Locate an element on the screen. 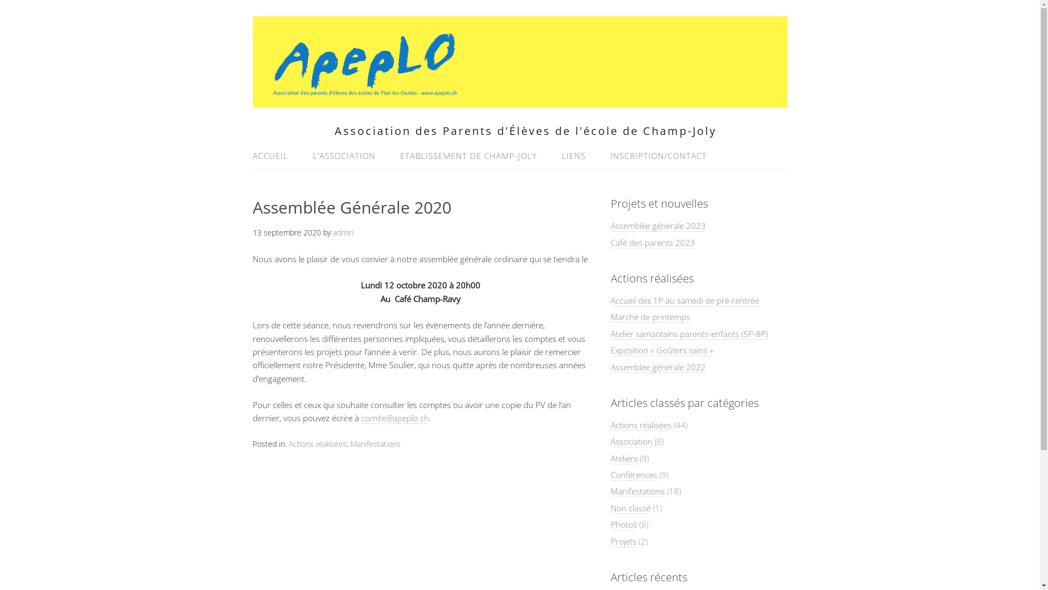  'ACCUEIL' is located at coordinates (275, 156).